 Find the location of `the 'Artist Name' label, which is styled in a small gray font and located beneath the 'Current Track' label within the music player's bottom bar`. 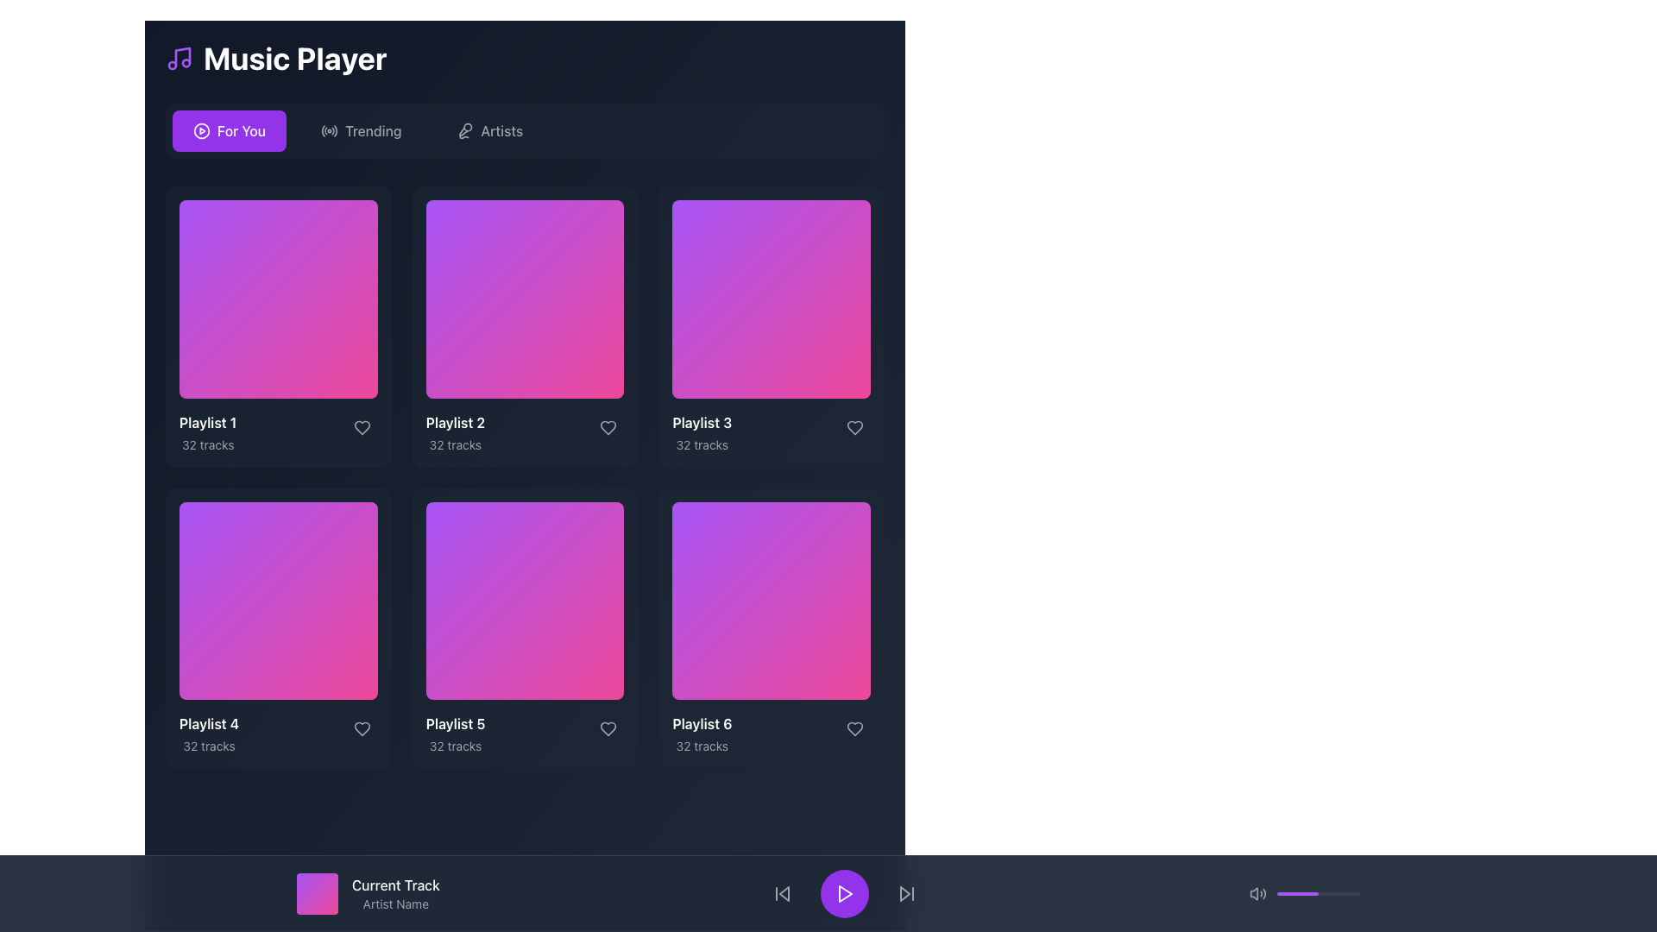

the 'Artist Name' label, which is styled in a small gray font and located beneath the 'Current Track' label within the music player's bottom bar is located at coordinates (394, 904).